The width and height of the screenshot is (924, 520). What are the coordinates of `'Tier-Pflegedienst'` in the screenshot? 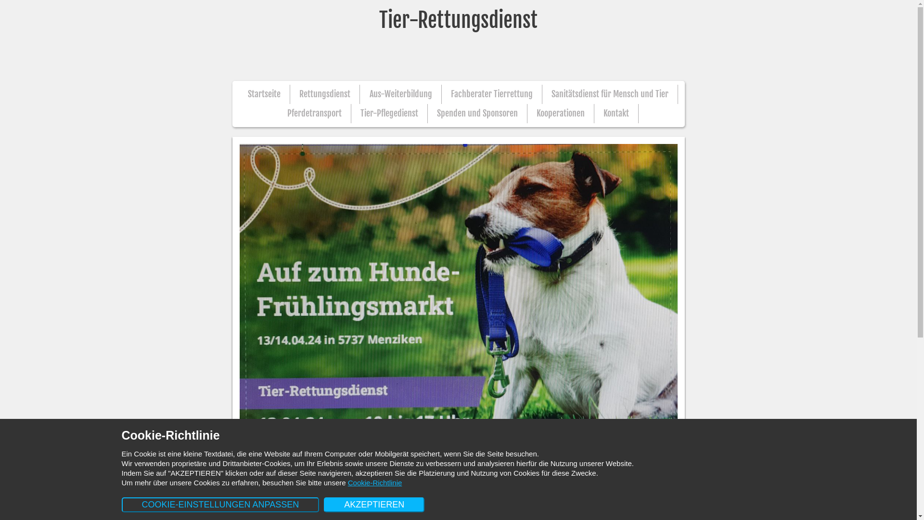 It's located at (355, 113).